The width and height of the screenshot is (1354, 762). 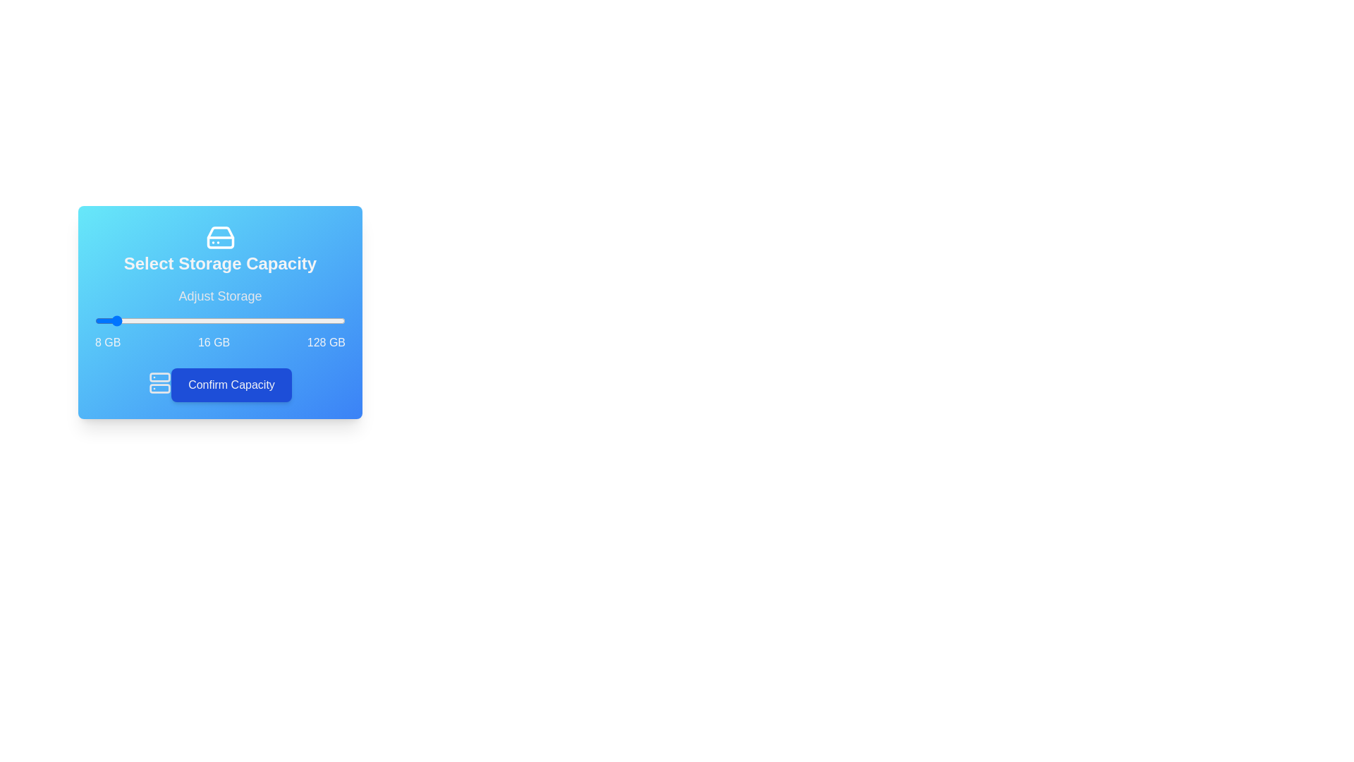 I want to click on the storage slider to set the capacity to 119 GB, so click(x=326, y=321).